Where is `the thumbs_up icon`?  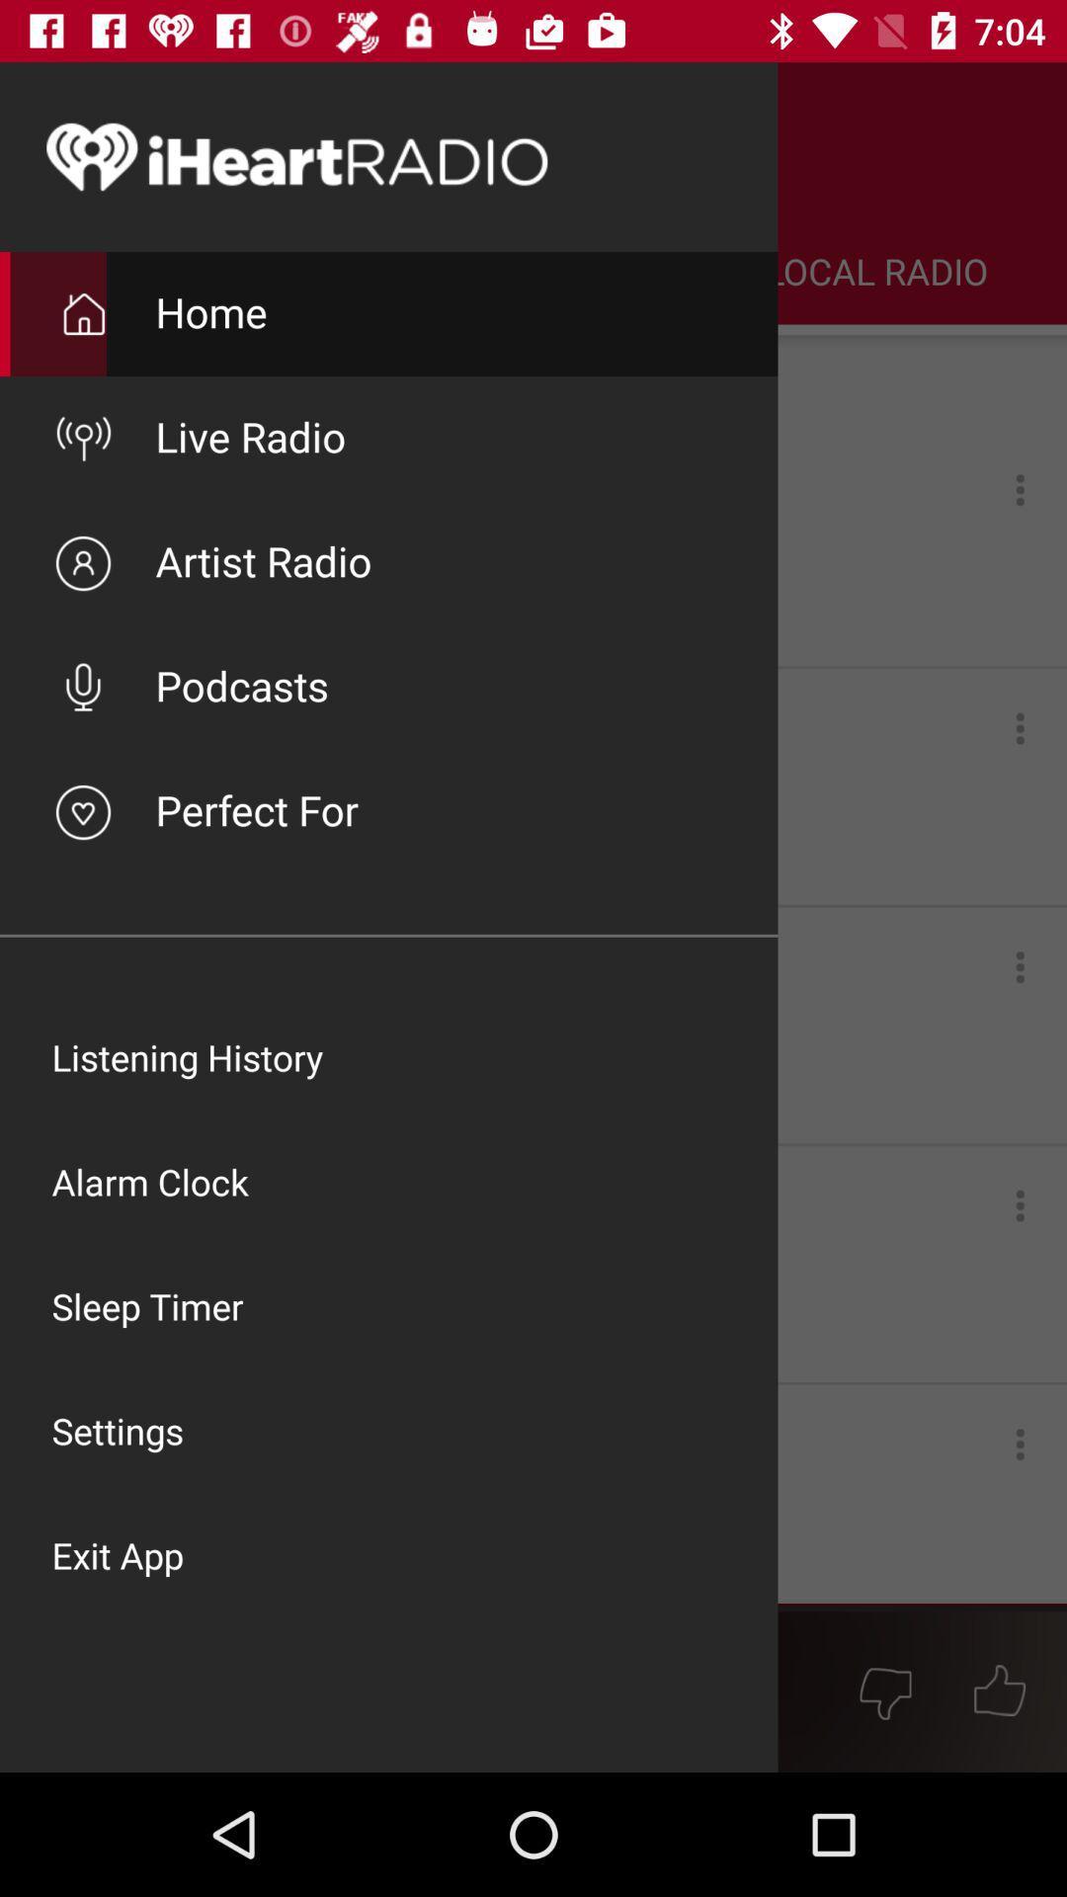 the thumbs_up icon is located at coordinates (1000, 1691).